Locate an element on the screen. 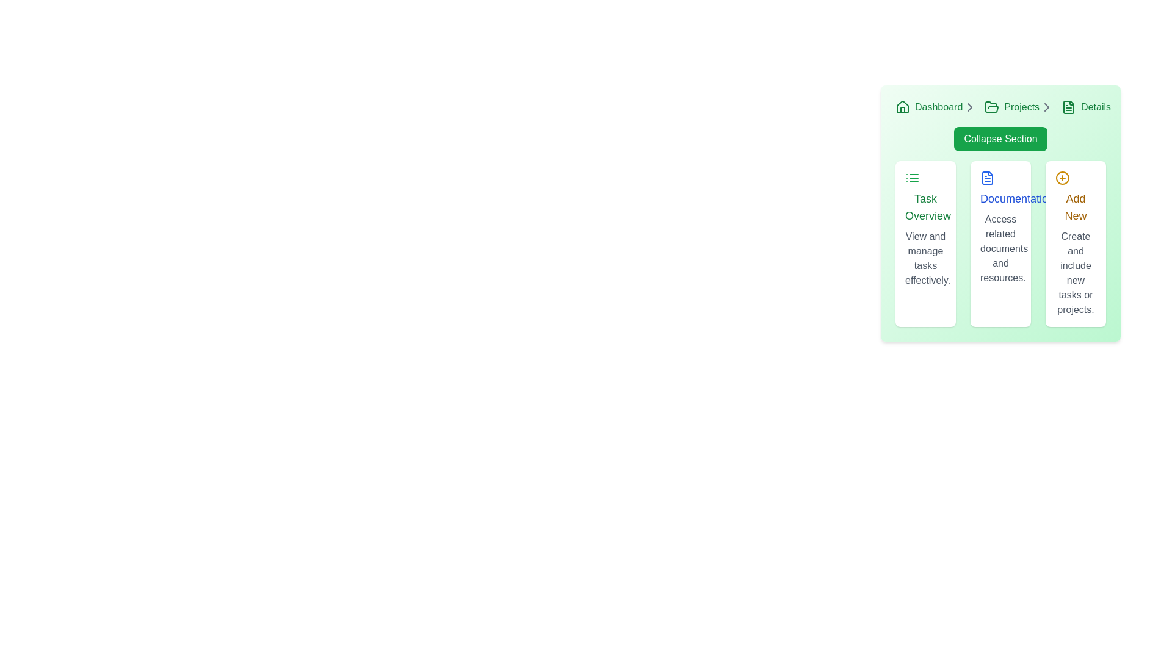 This screenshot has width=1172, height=659. the circular icon with a yellow outline and a plus sign in the center, located in the 'Add New' card is located at coordinates (1062, 178).